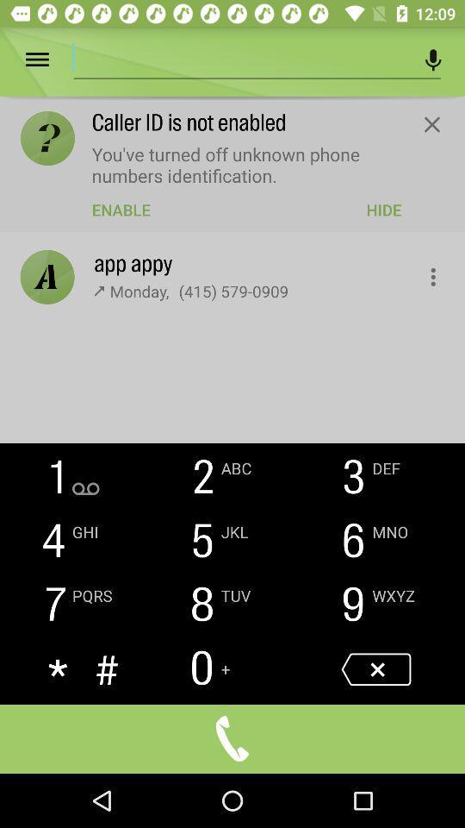  Describe the element at coordinates (241, 57) in the screenshot. I see `field to input phone number` at that location.